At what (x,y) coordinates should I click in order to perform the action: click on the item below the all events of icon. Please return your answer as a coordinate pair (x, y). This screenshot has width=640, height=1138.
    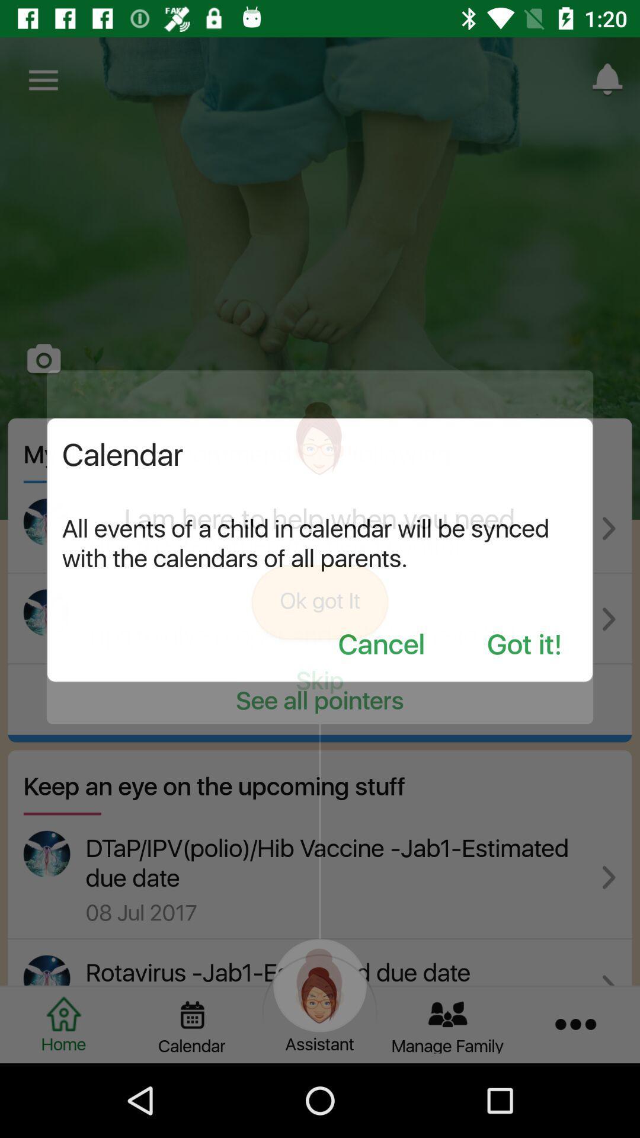
    Looking at the image, I should click on (524, 645).